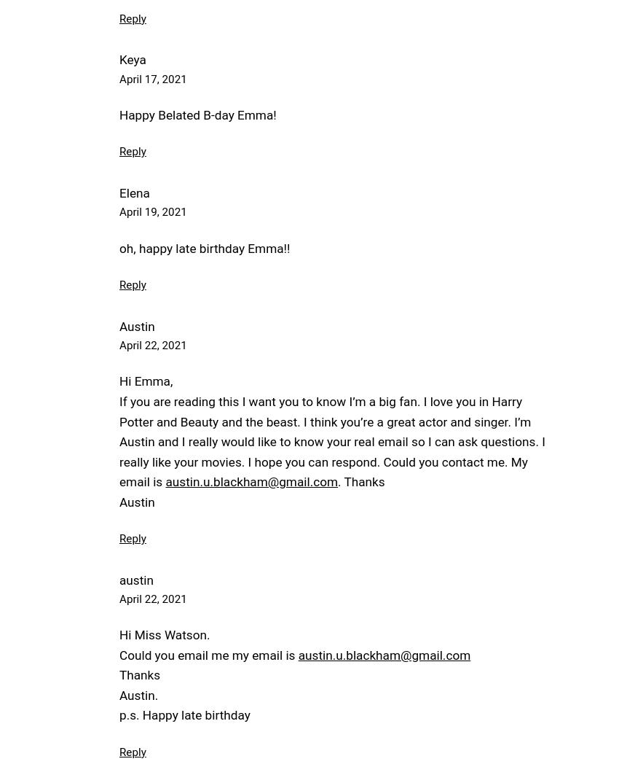 Image resolution: width=619 pixels, height=783 pixels. What do you see at coordinates (165, 634) in the screenshot?
I see `'Hi Miss Watson.'` at bounding box center [165, 634].